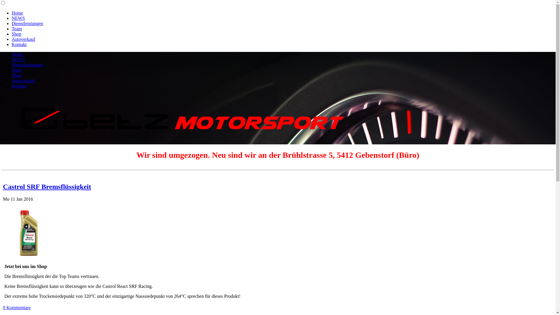  I want to click on 'Home', so click(11, 13).